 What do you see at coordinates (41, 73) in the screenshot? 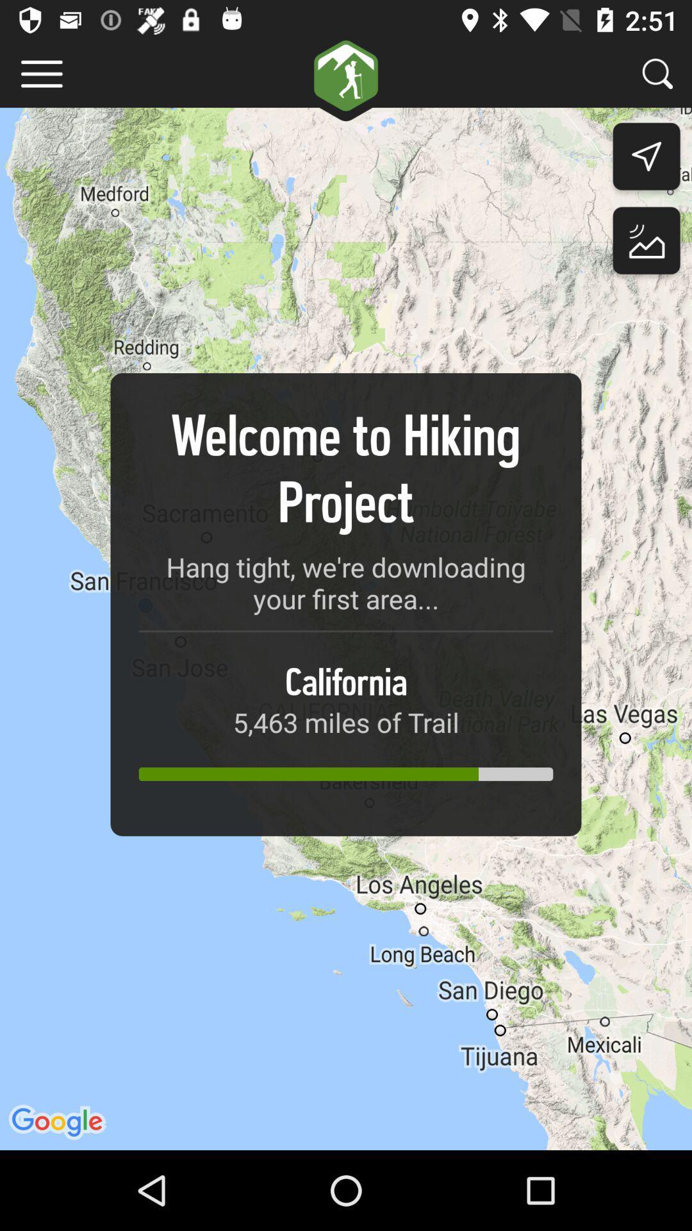
I see `navigation menu` at bounding box center [41, 73].